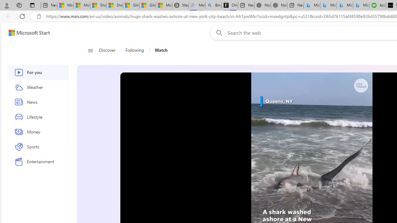  Describe the element at coordinates (279, 5) in the screenshot. I see `'Nordace - #1 Japanese Best-Seller - Siena Smart Backpack'` at that location.